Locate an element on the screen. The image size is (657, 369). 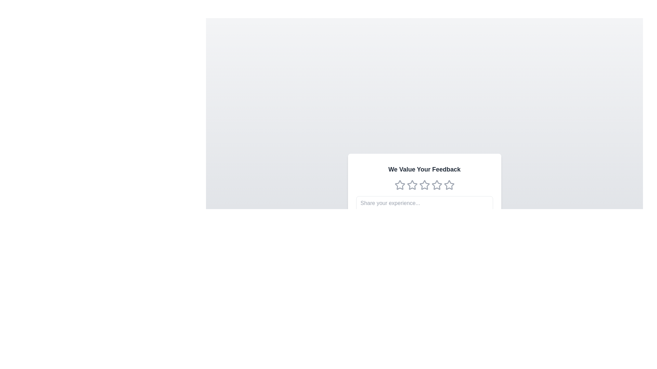
the second star-shaped Rating icon in the rating system is located at coordinates (436, 185).